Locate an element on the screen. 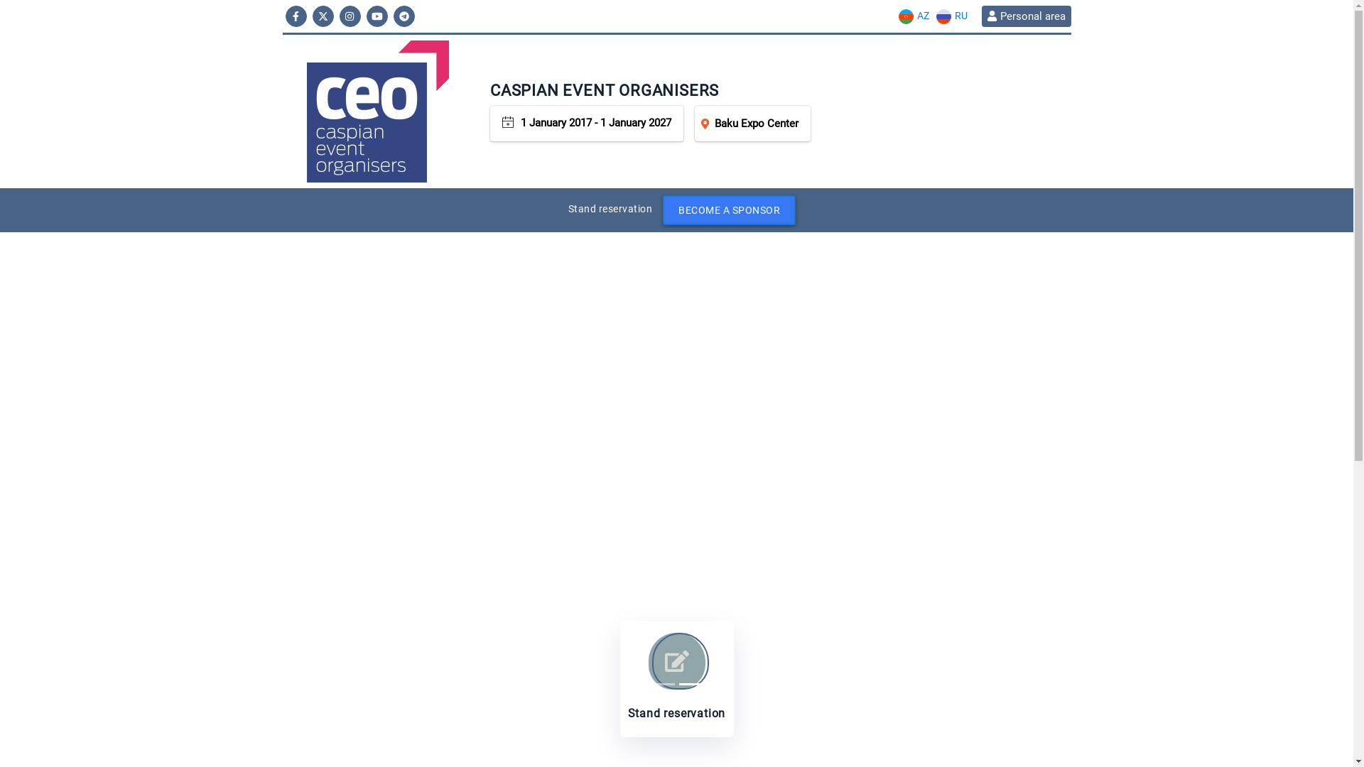 The width and height of the screenshot is (1364, 767). 'Stand reservation' is located at coordinates (675, 678).